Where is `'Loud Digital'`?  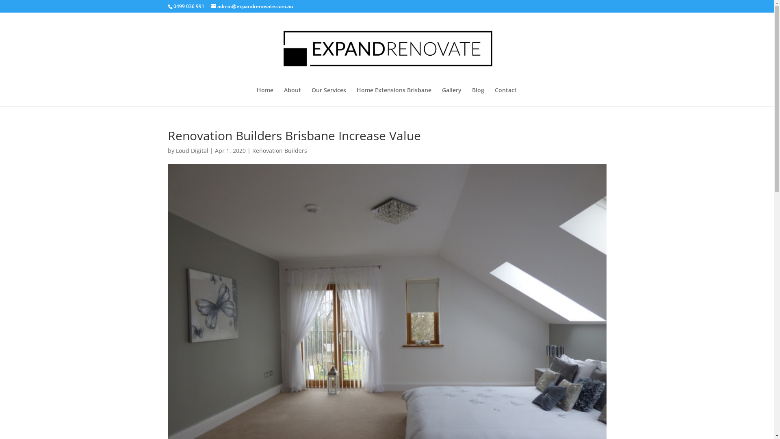 'Loud Digital' is located at coordinates (175, 150).